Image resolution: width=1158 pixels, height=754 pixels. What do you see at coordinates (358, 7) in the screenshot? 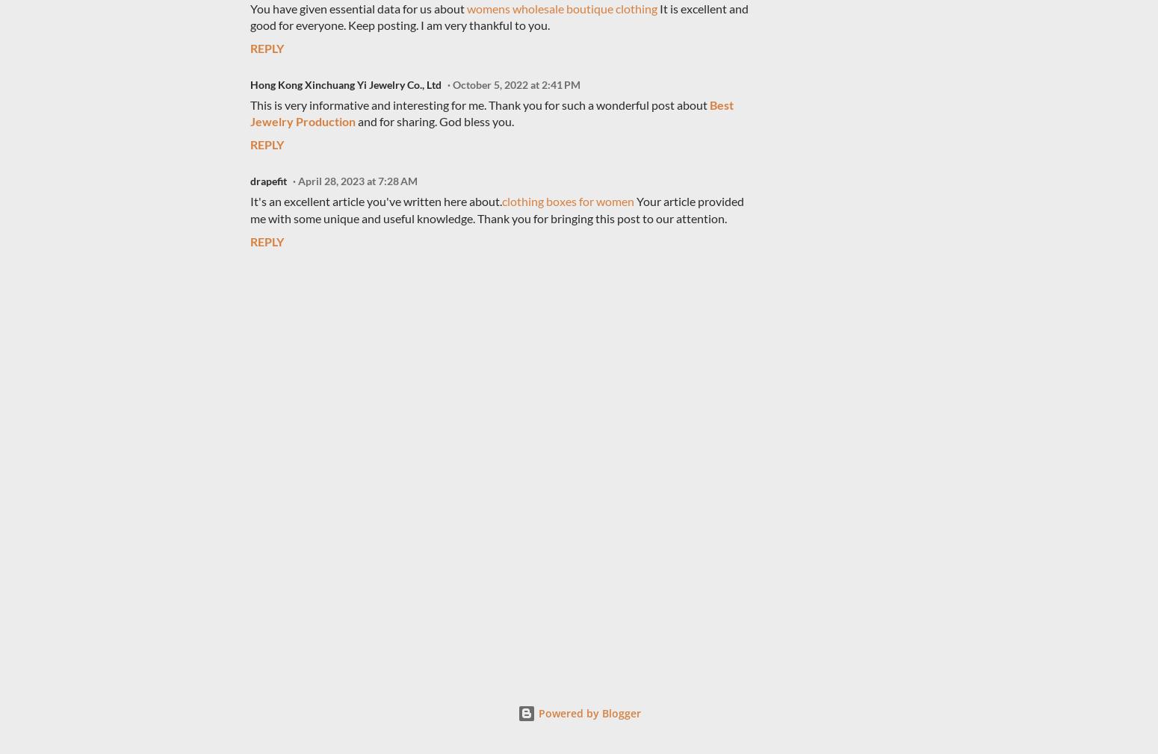
I see `'You have given essential data for us about'` at bounding box center [358, 7].